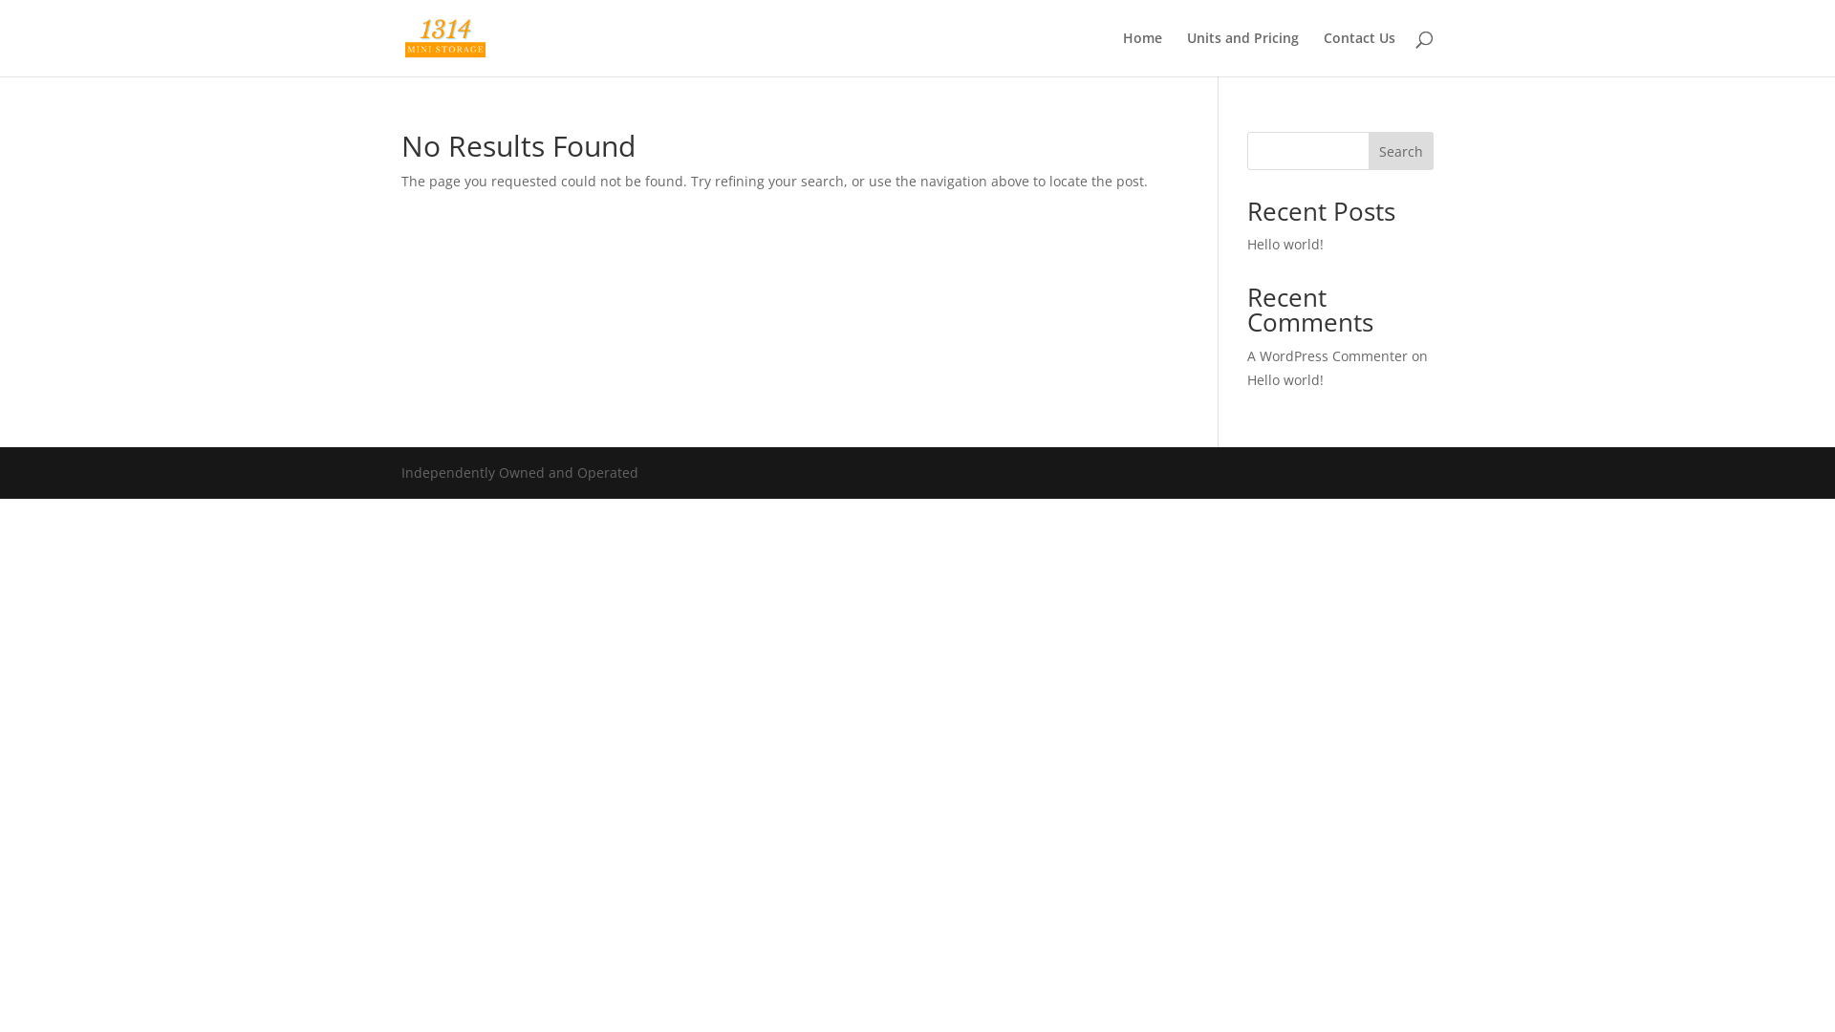  I want to click on 'Search', so click(1367, 150).